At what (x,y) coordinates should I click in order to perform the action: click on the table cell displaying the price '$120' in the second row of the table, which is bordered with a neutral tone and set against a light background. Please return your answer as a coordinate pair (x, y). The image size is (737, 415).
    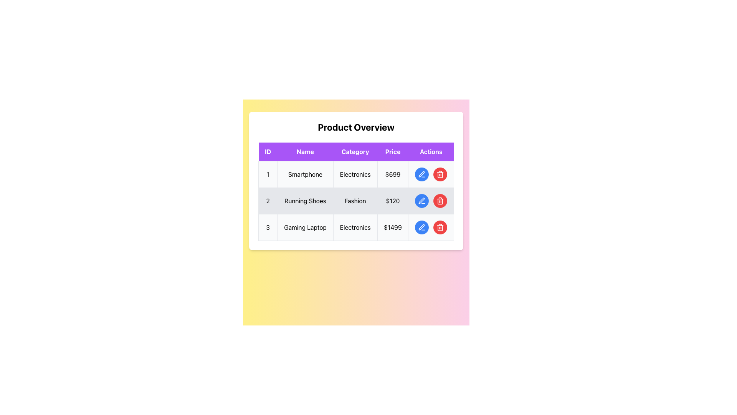
    Looking at the image, I should click on (393, 201).